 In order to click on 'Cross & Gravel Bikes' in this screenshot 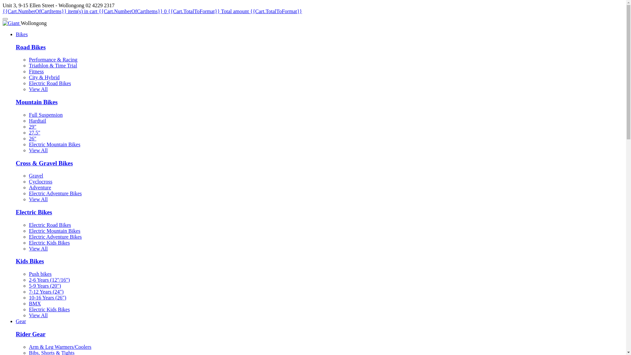, I will do `click(16, 163)`.